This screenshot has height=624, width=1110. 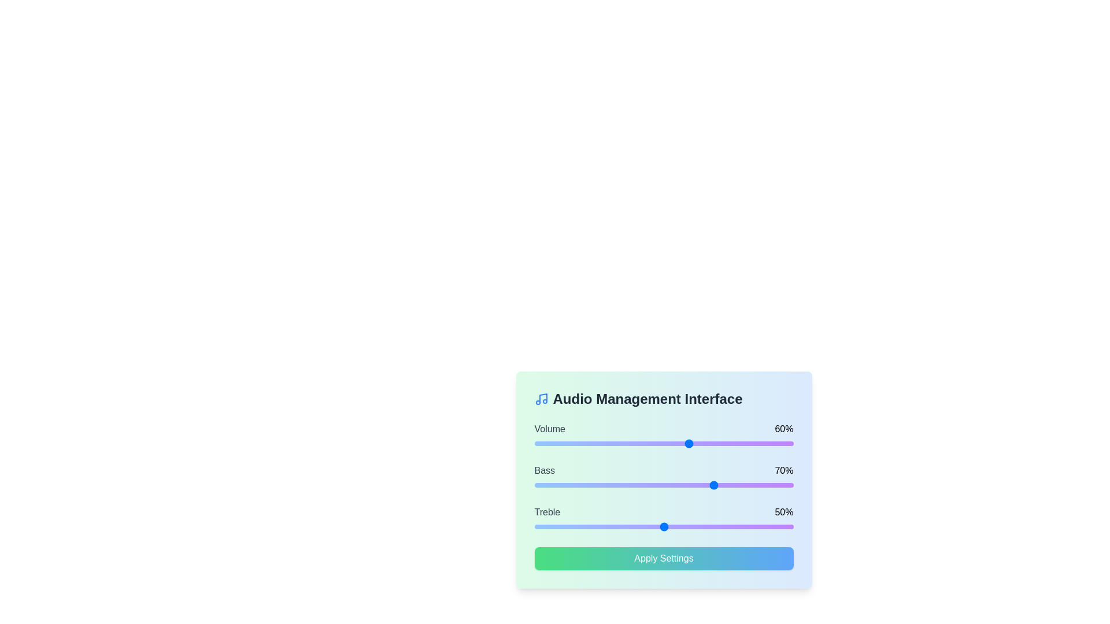 I want to click on the treble level, so click(x=597, y=526).